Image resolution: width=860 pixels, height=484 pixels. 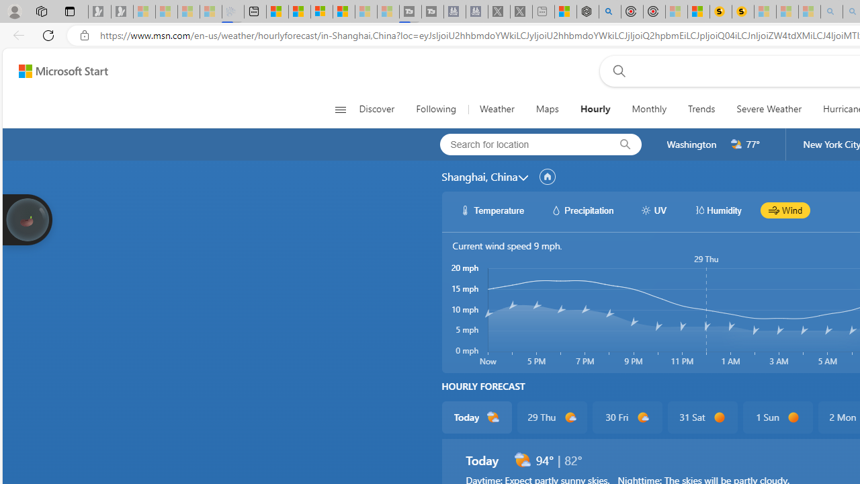 I want to click on 'Maps', so click(x=547, y=109).